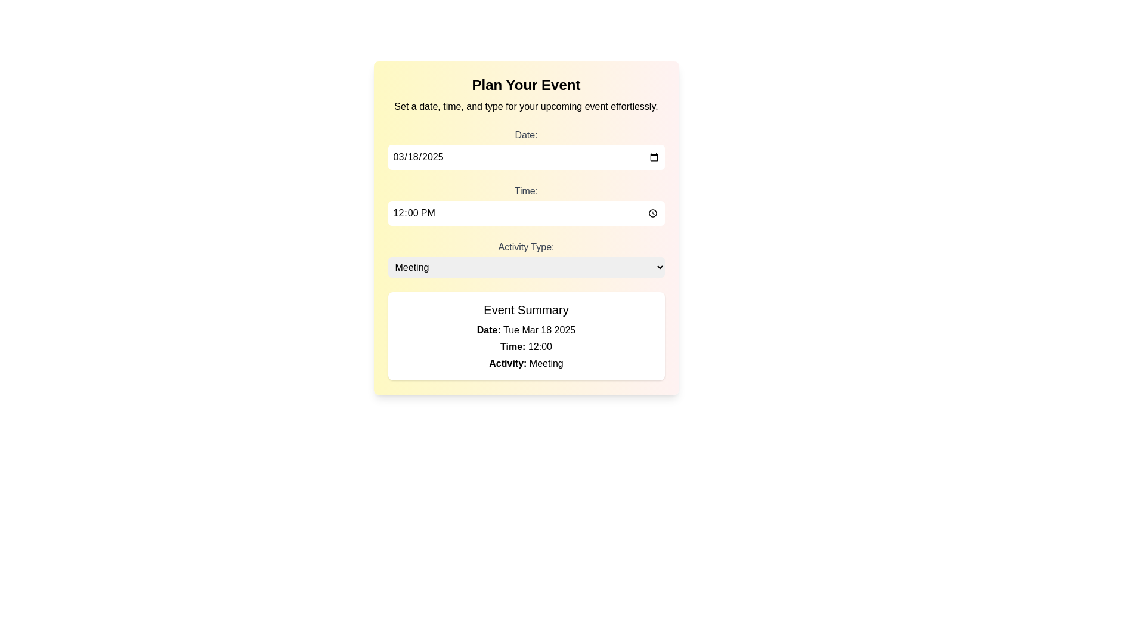  What do you see at coordinates (488, 330) in the screenshot?
I see `the bolded label 'Date:' located in the event summary section beneath the event planning form` at bounding box center [488, 330].